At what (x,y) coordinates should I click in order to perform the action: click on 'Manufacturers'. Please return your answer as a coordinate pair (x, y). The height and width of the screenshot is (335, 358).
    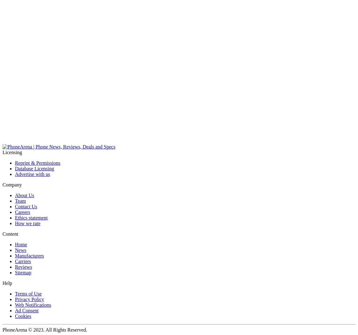
    Looking at the image, I should click on (29, 255).